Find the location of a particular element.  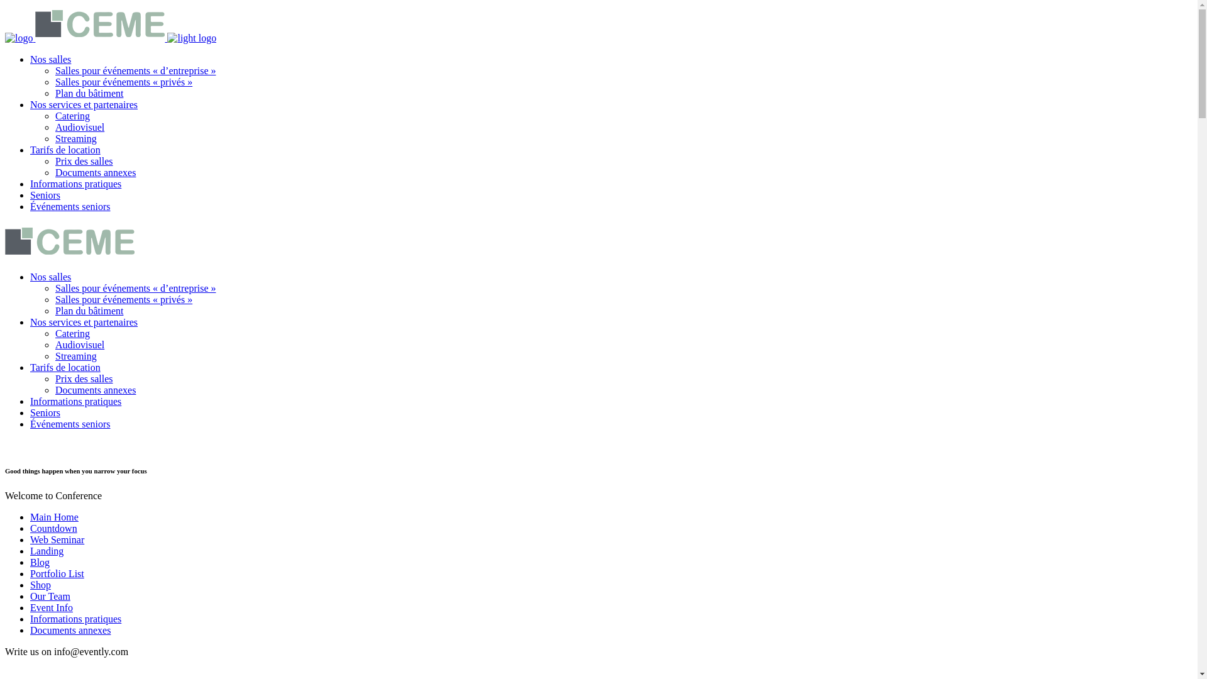

'Tarifs de location' is located at coordinates (65, 149).